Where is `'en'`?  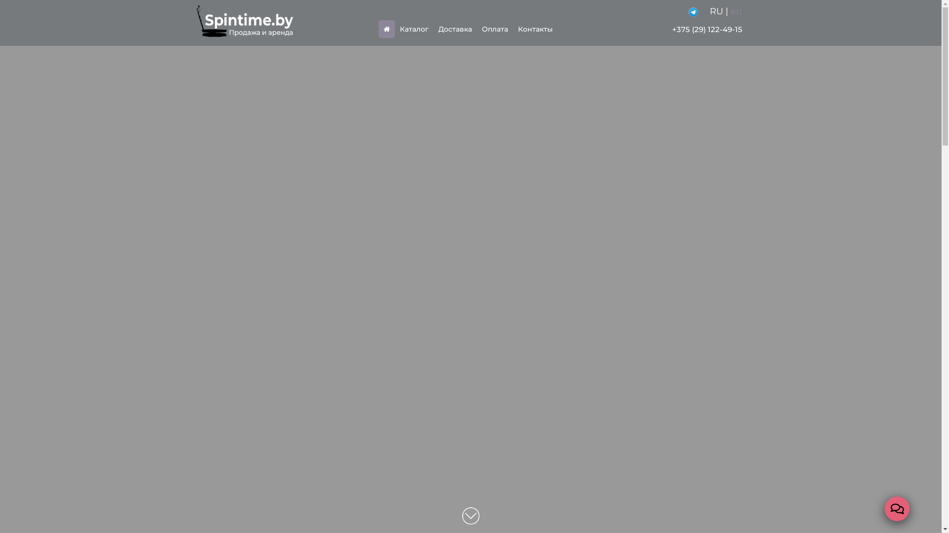 'en' is located at coordinates (736, 11).